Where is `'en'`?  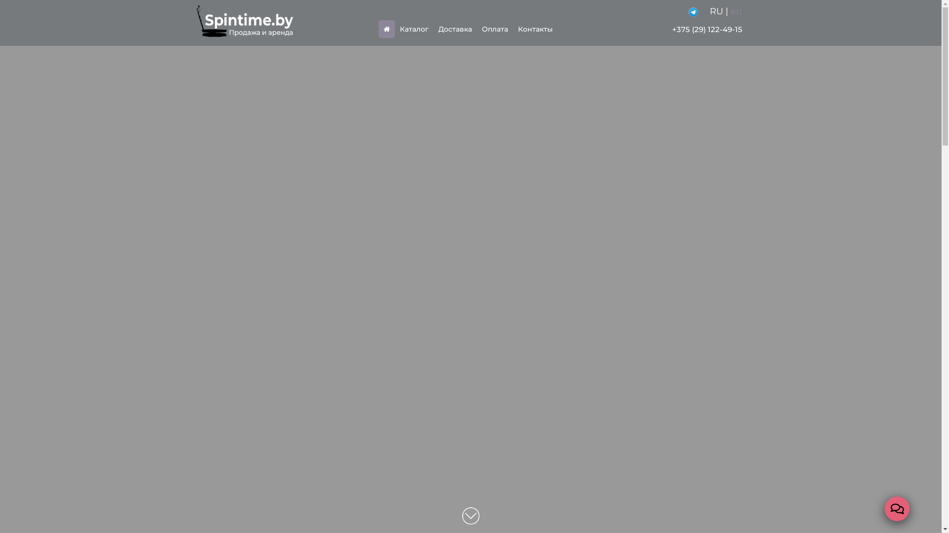 'en' is located at coordinates (736, 11).